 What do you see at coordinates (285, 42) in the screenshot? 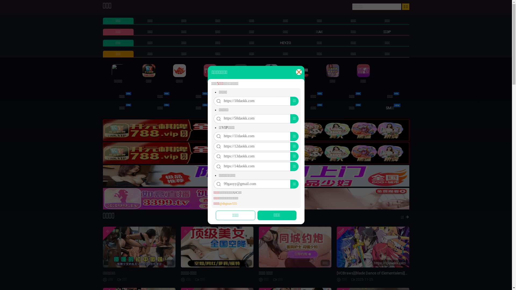
I see `'HEYZO'` at bounding box center [285, 42].